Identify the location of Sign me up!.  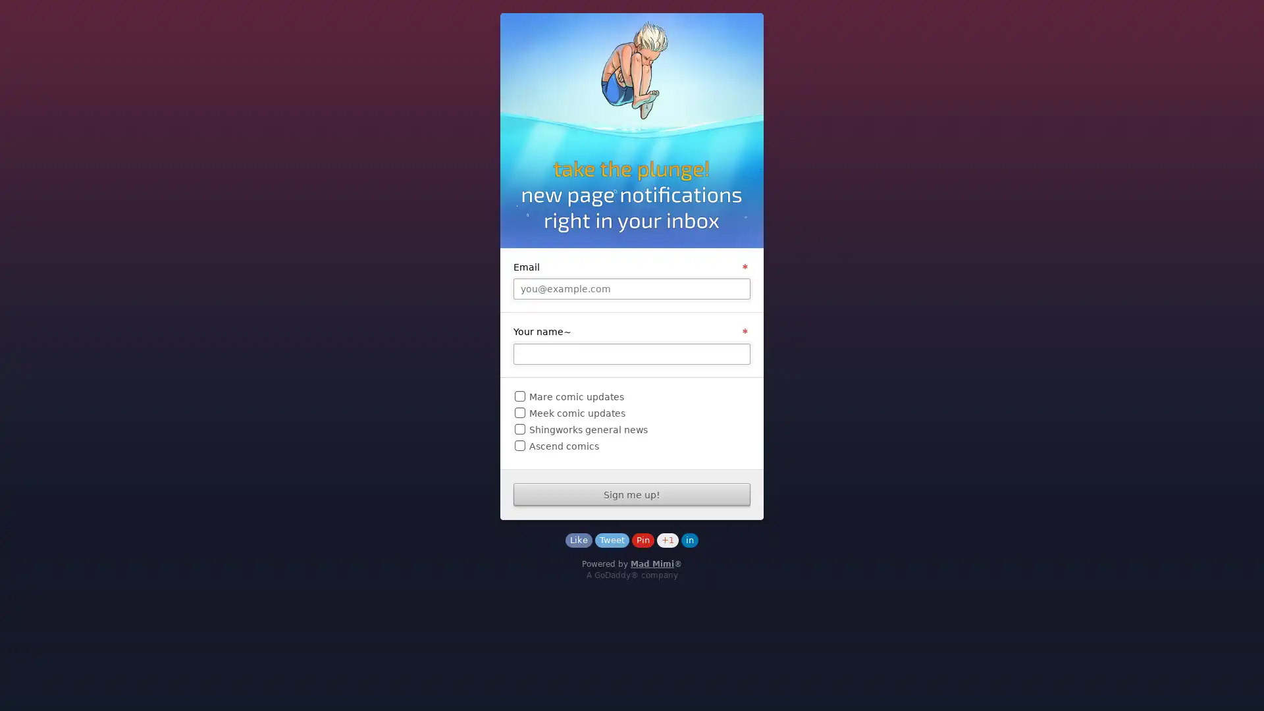
(632, 494).